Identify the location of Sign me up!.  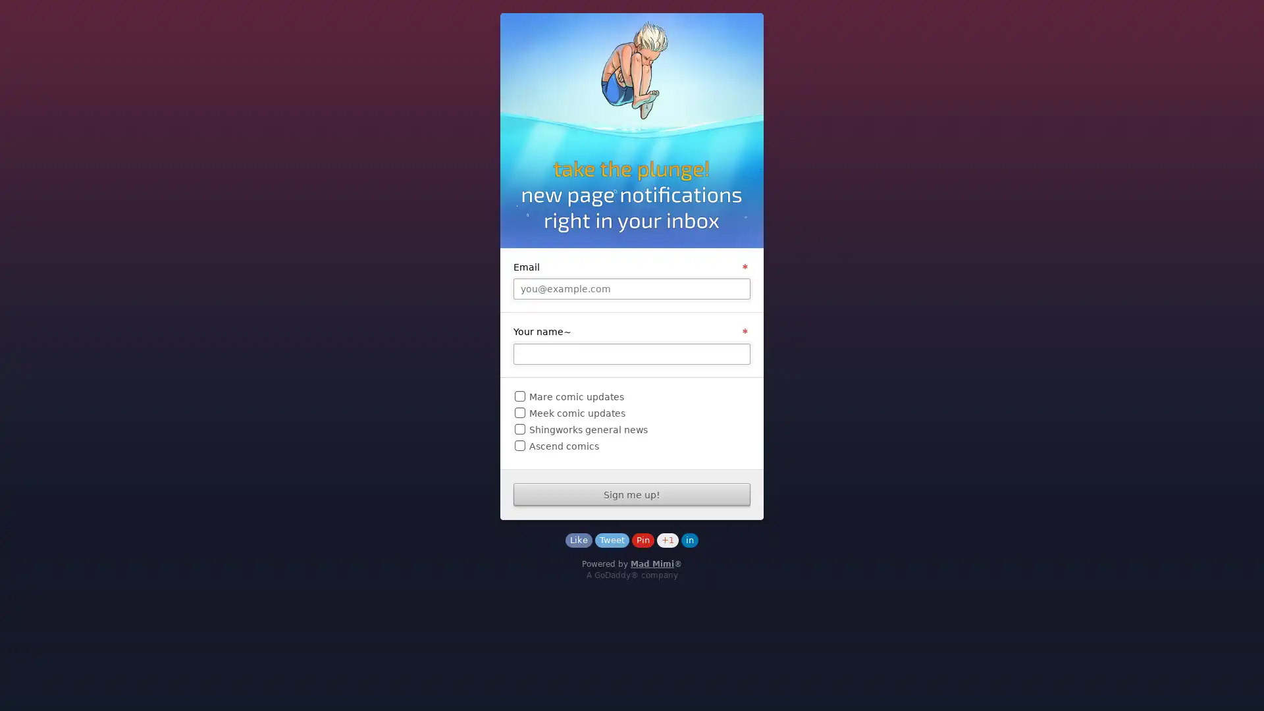
(632, 494).